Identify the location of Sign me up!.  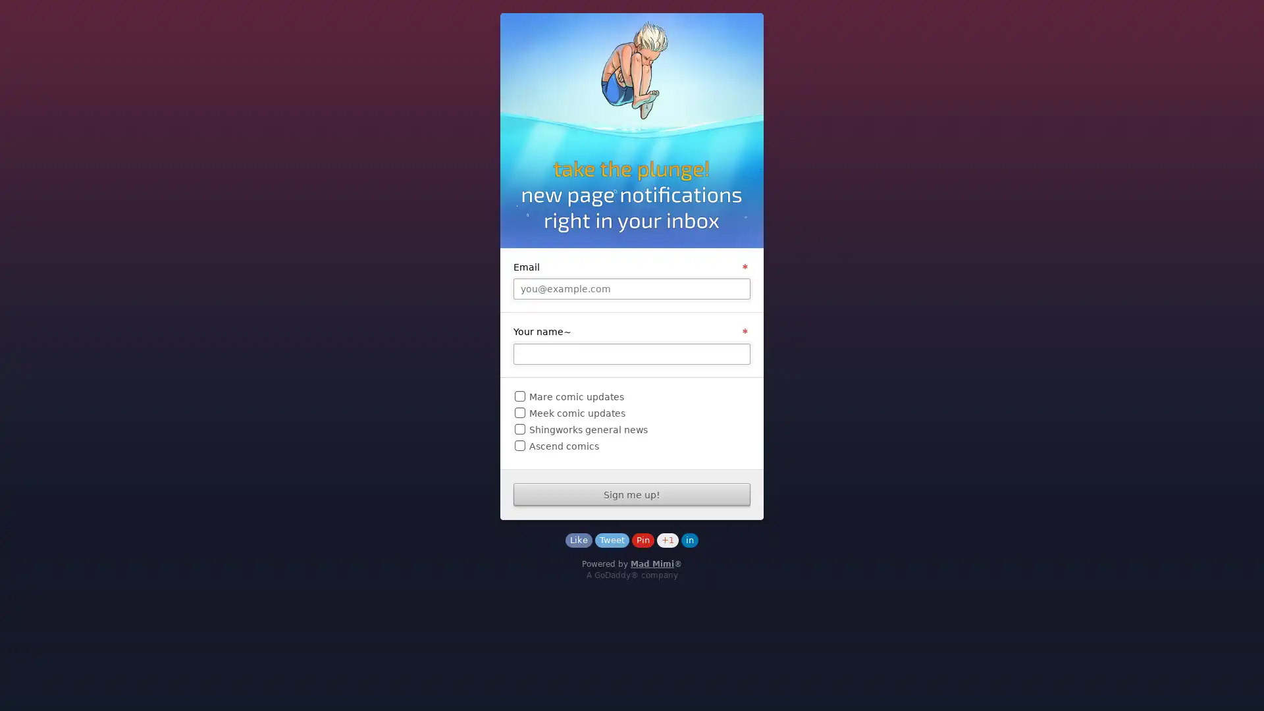
(632, 494).